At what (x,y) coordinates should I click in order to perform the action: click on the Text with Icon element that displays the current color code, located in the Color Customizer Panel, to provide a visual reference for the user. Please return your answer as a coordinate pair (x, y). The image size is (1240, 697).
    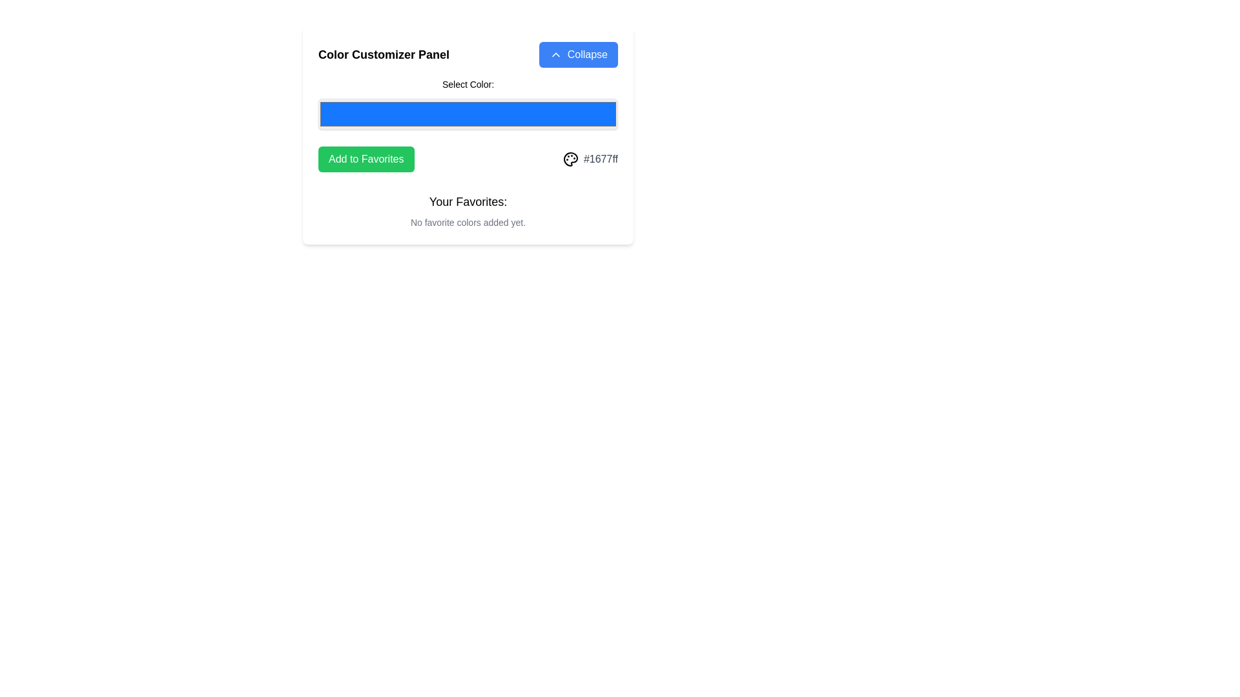
    Looking at the image, I should click on (590, 158).